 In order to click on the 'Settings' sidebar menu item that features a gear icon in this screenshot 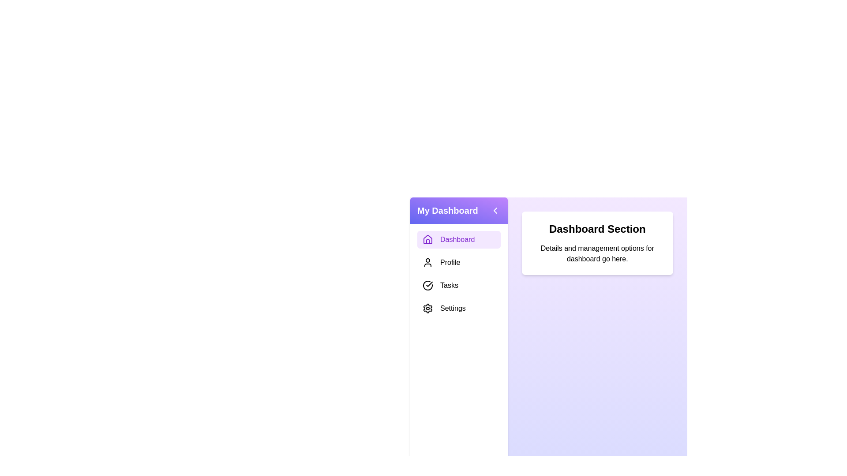, I will do `click(453, 308)`.